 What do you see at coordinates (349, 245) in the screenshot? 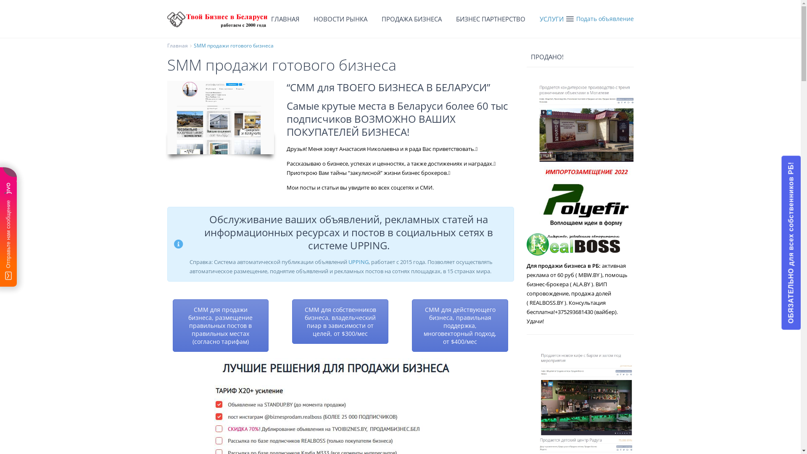
I see `'UPPING'` at bounding box center [349, 245].